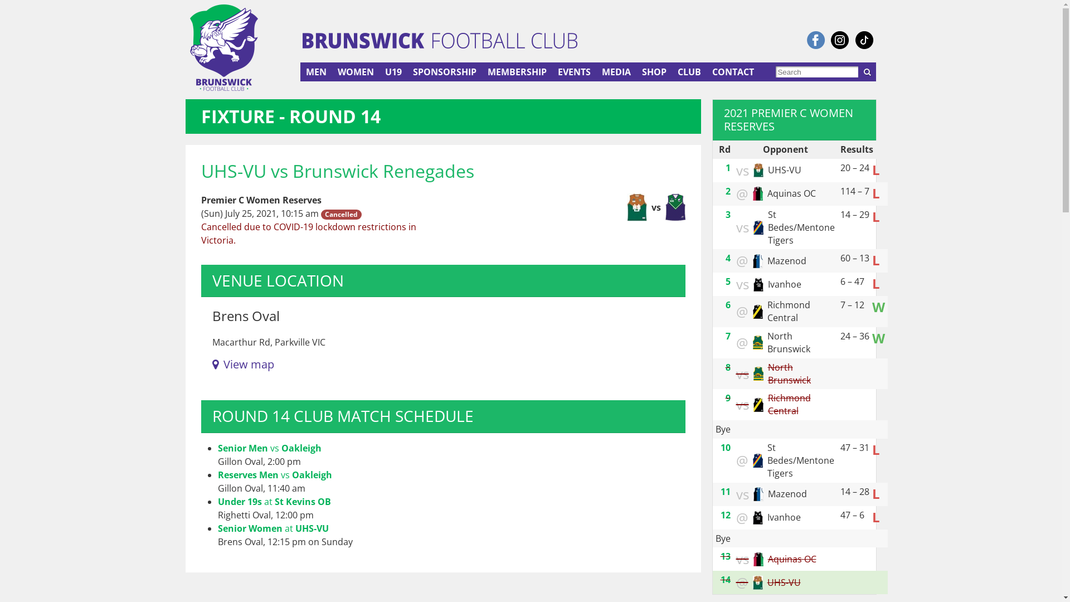 The image size is (1070, 602). Describe the element at coordinates (757, 261) in the screenshot. I see `'Mazenod'` at that location.